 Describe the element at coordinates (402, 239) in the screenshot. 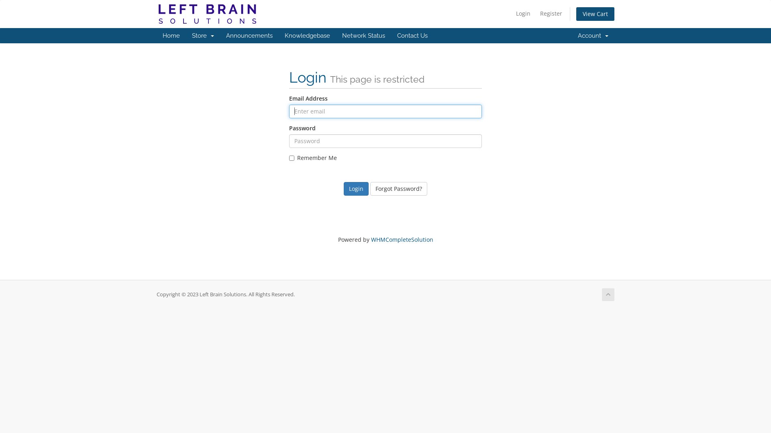

I see `'WHMCompleteSolution'` at that location.